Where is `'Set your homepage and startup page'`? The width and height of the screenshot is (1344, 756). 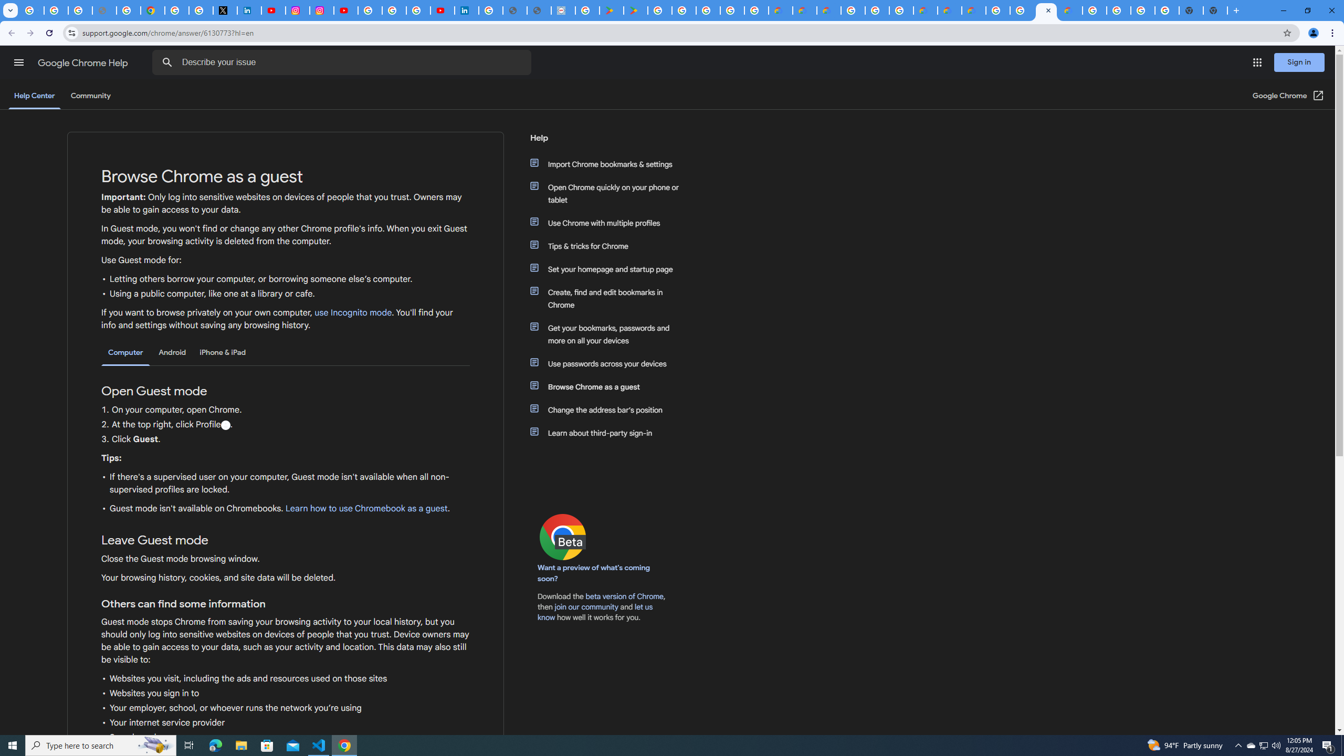
'Set your homepage and startup page' is located at coordinates (610, 269).